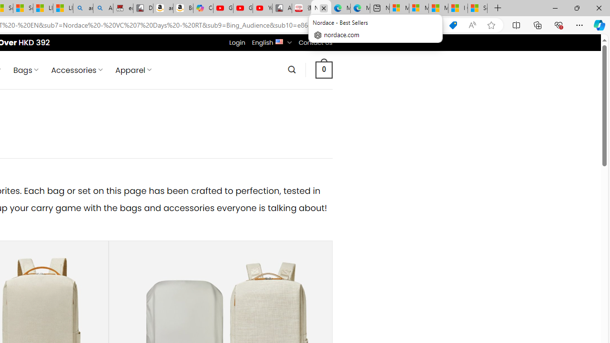 This screenshot has height=343, width=610. I want to click on '  0  ', so click(324, 69).